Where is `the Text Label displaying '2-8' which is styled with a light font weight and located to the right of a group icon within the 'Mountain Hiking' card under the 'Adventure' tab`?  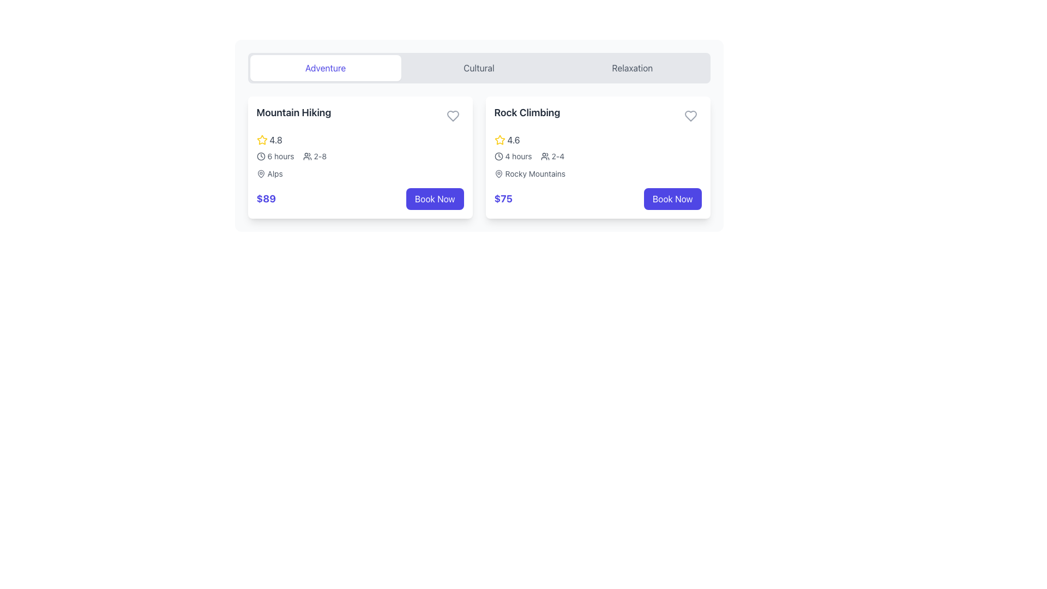
the Text Label displaying '2-8' which is styled with a light font weight and located to the right of a group icon within the 'Mountain Hiking' card under the 'Adventure' tab is located at coordinates (320, 156).